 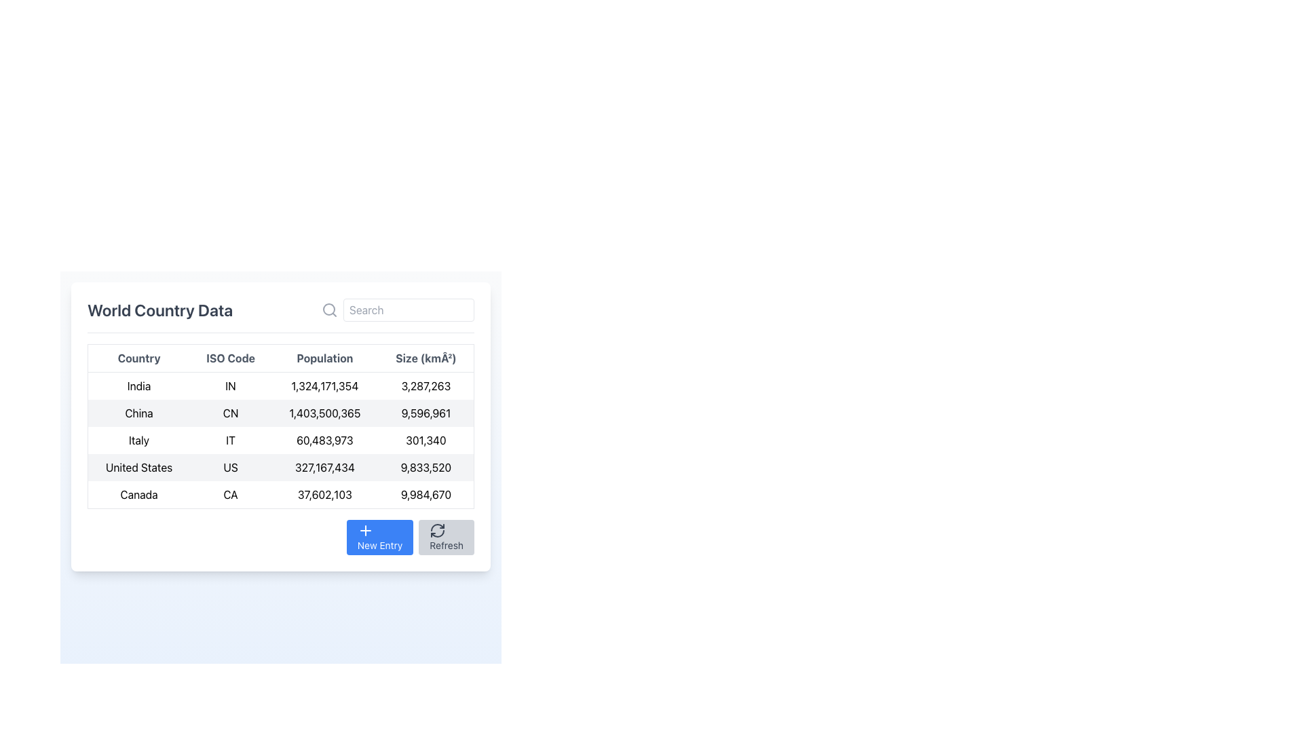 I want to click on the first button in the action bar below the 'World Country Data' table, so click(x=380, y=536).